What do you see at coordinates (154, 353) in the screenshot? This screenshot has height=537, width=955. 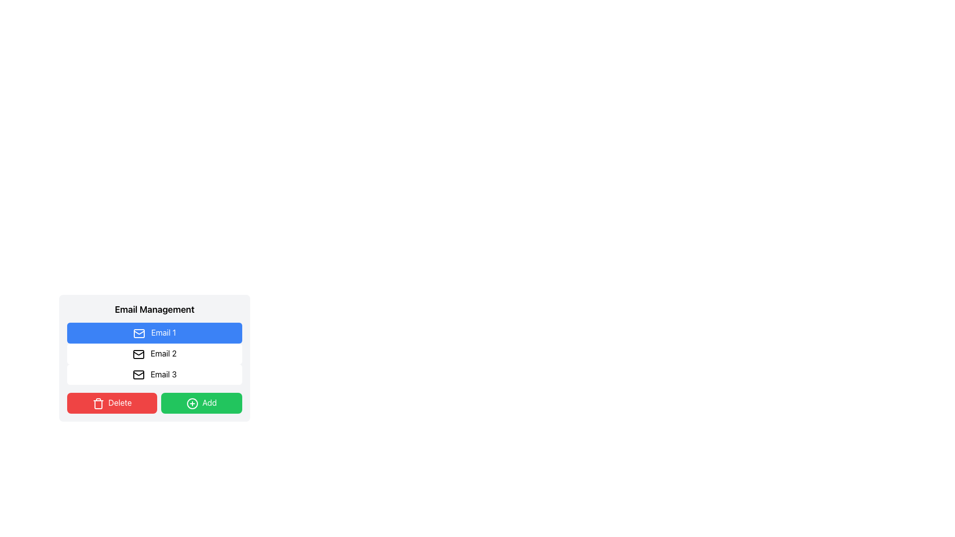 I see `an item in the list of email options ('Email 1', 'Email 2', 'Email 3') located in the 'Email Management' section` at bounding box center [154, 353].